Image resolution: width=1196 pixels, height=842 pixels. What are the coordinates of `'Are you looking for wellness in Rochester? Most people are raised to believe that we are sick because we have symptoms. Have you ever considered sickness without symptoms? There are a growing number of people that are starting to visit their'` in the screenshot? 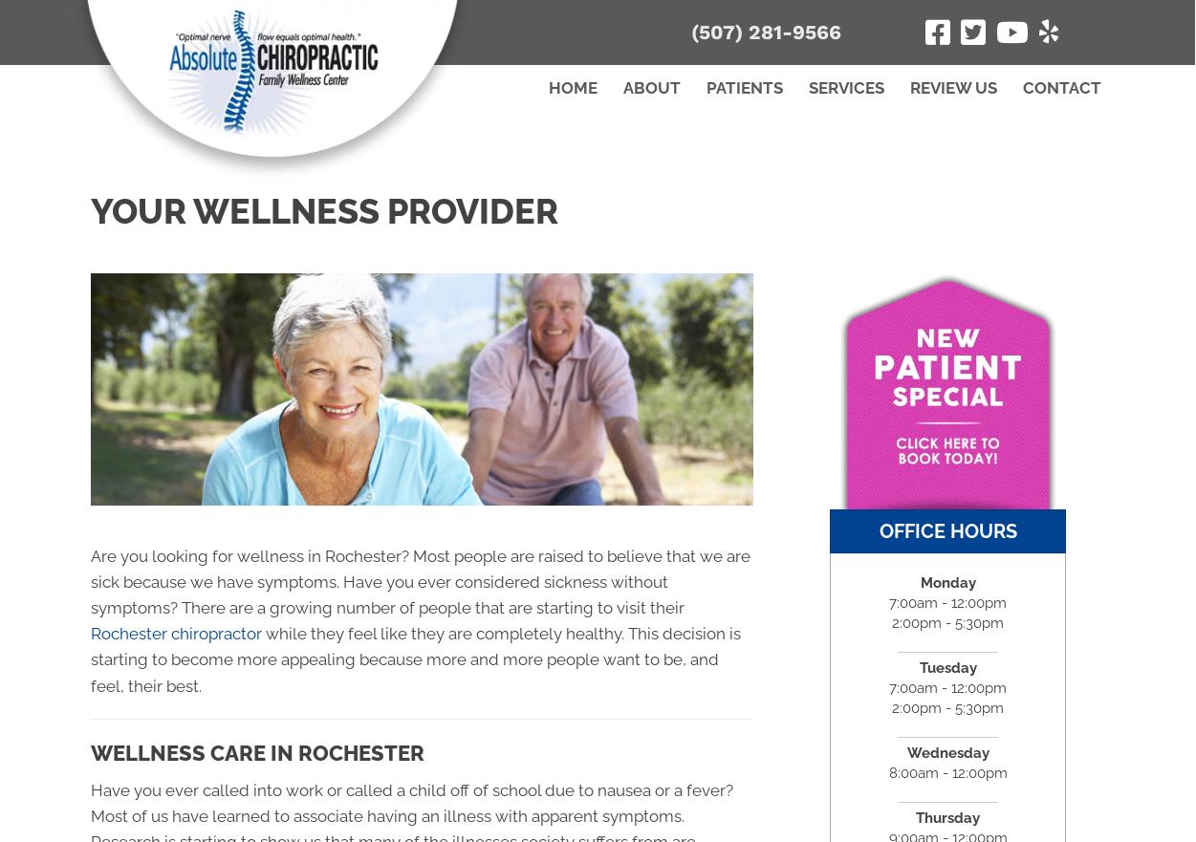 It's located at (89, 581).